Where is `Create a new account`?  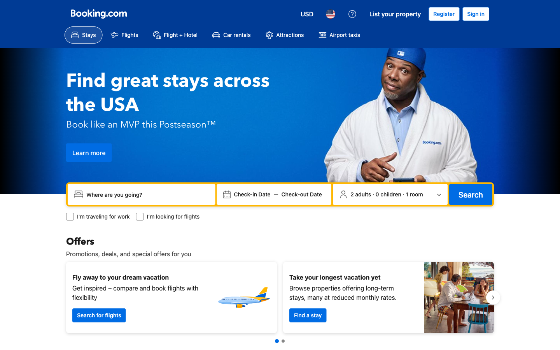 Create a new account is located at coordinates (444, 14).